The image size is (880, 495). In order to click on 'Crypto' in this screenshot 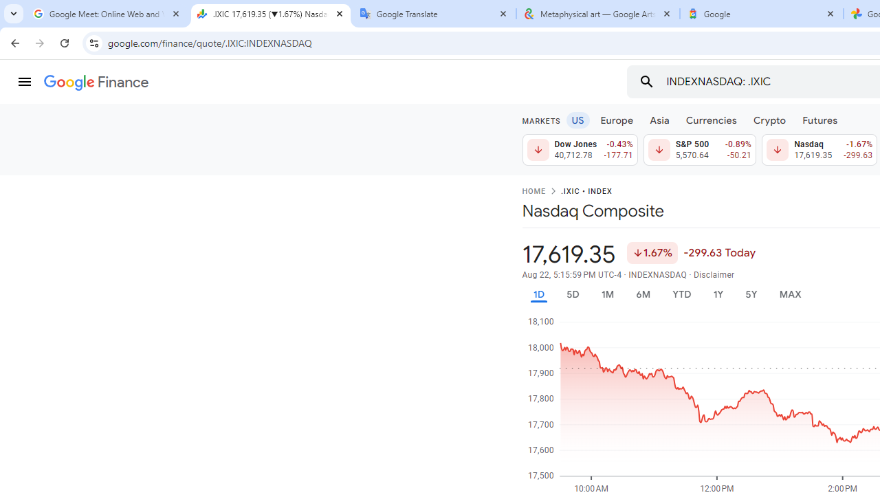, I will do `click(769, 119)`.